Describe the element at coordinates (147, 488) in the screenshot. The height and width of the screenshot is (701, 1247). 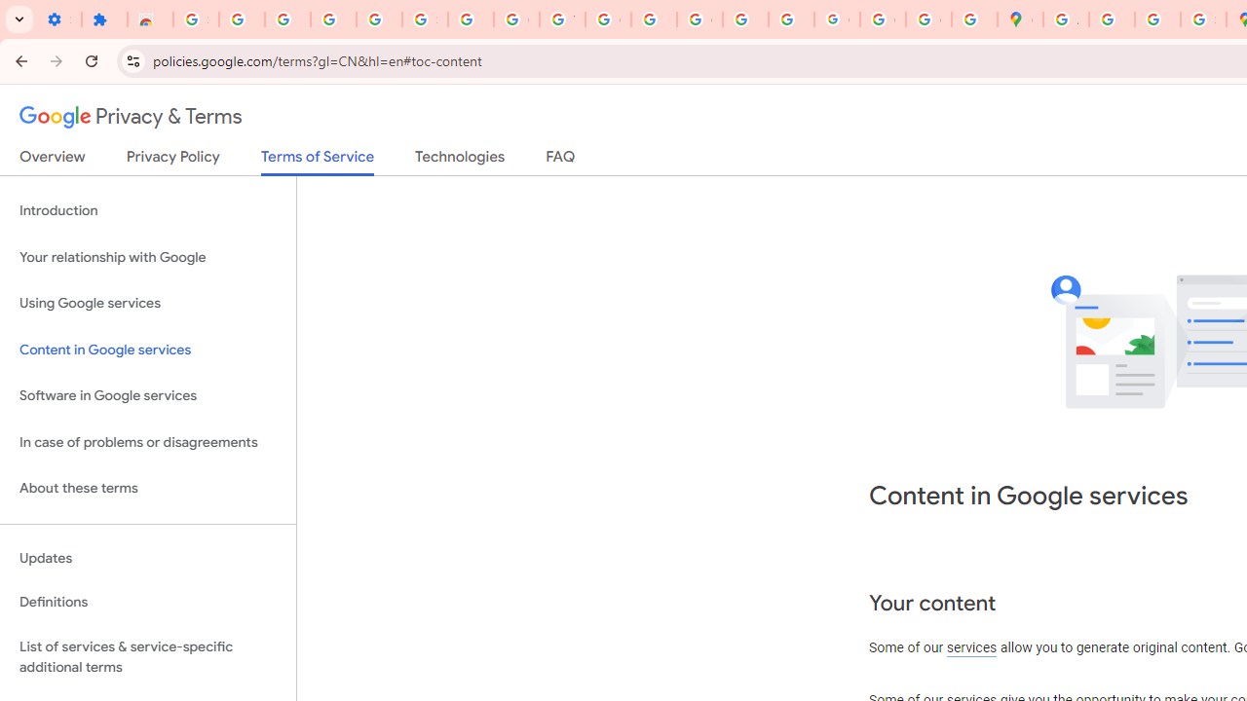
I see `'About these terms'` at that location.